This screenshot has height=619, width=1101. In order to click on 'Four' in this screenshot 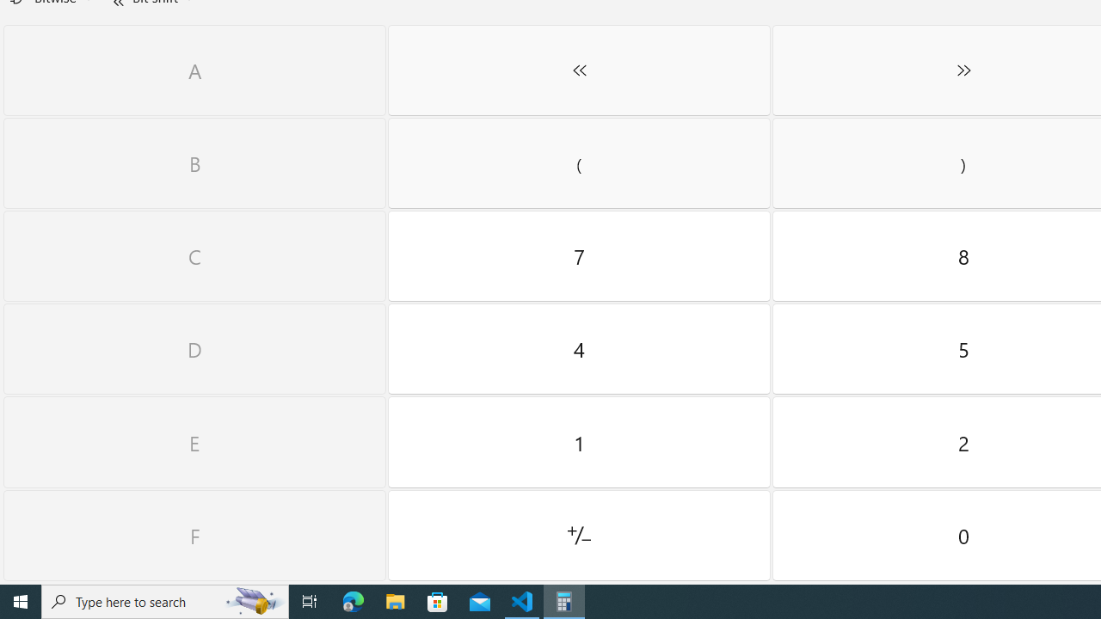, I will do `click(579, 348)`.